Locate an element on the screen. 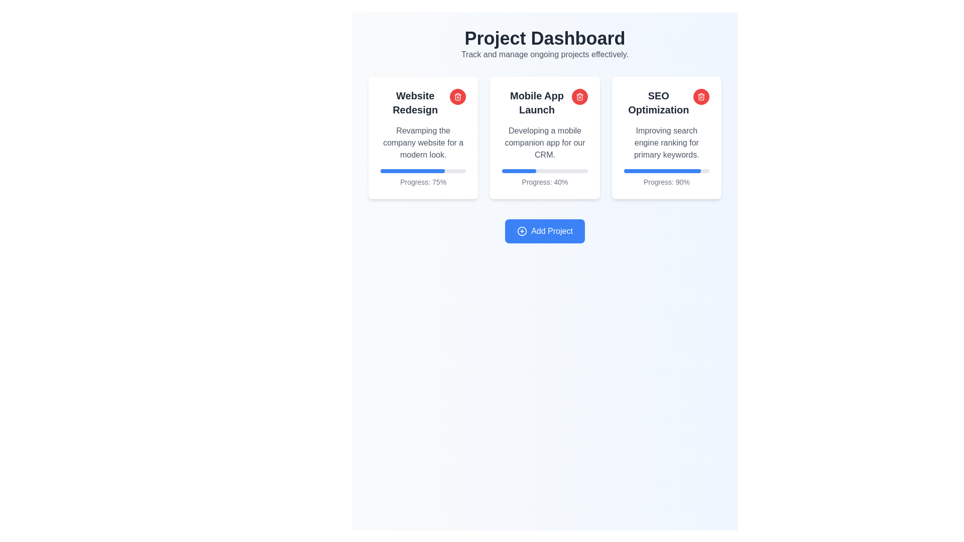  the rectangular body of the trash icon located in the top-right corner of the 'SEO Optimization' card in the dashboard is located at coordinates (700, 97).